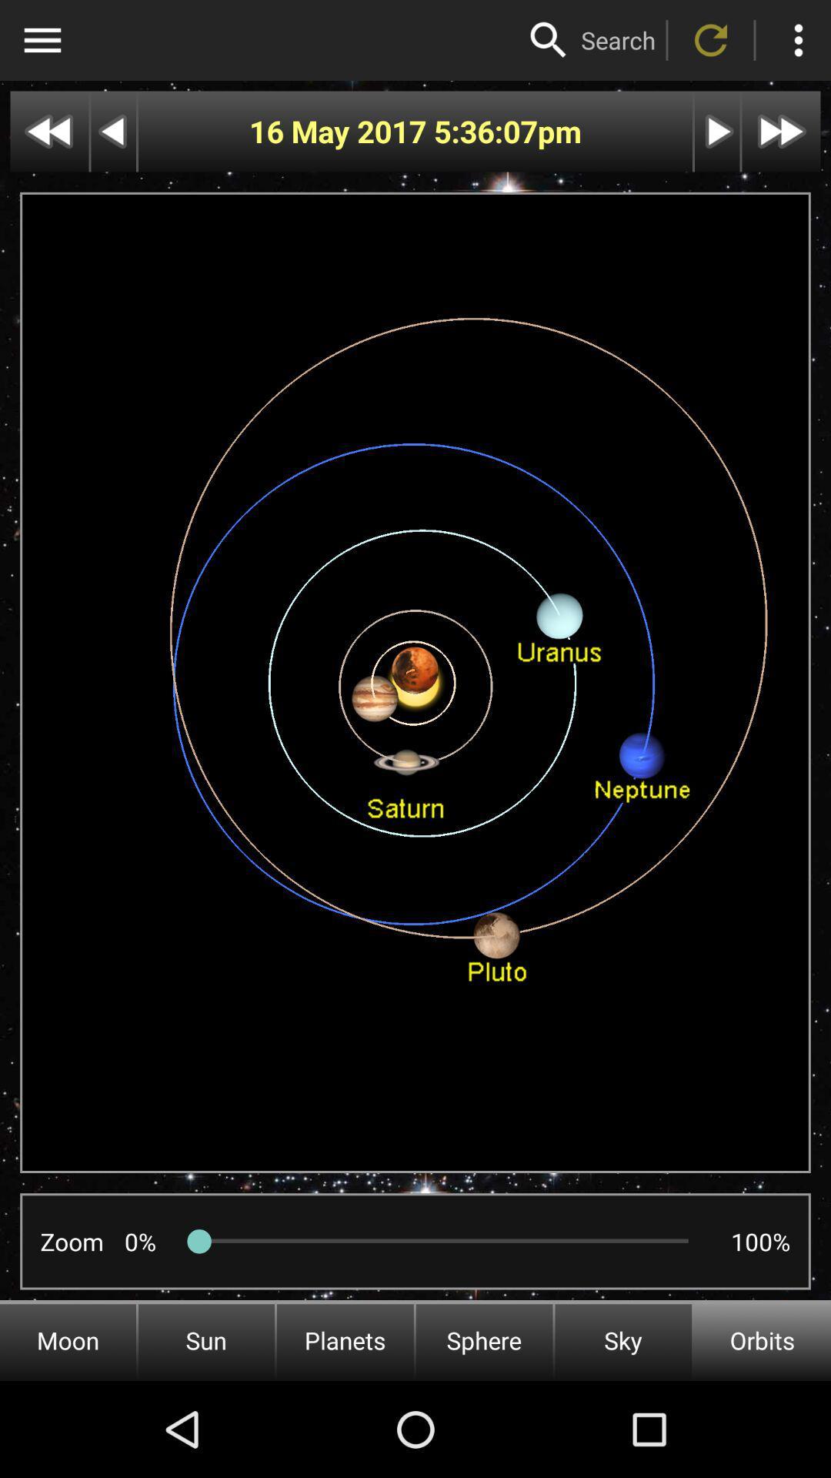  I want to click on see more options, so click(797, 40).